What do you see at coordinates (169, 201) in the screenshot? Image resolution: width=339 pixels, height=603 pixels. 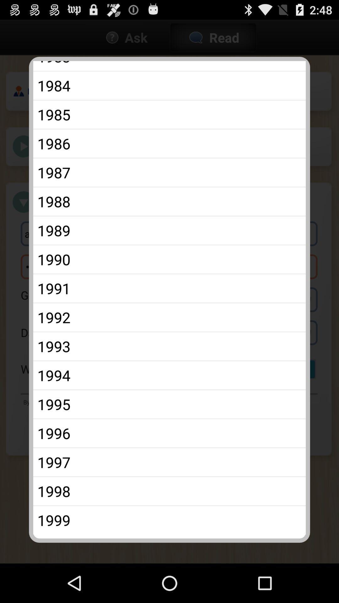 I see `1988 item` at bounding box center [169, 201].